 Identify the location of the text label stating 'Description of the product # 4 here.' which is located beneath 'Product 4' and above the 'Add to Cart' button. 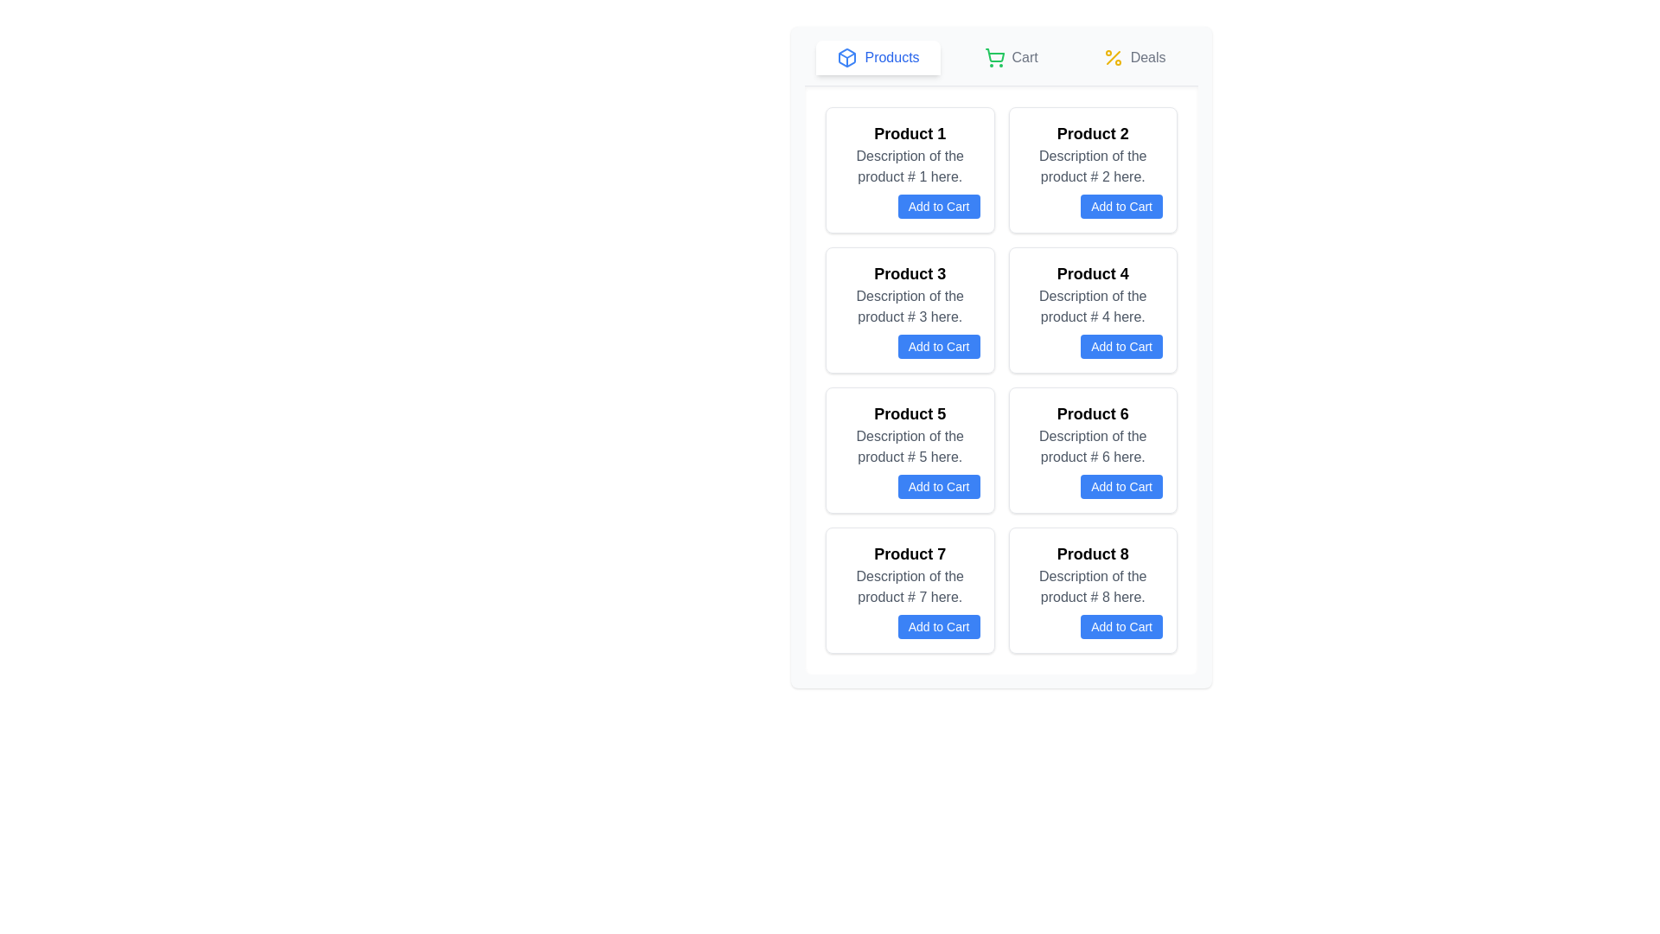
(1092, 305).